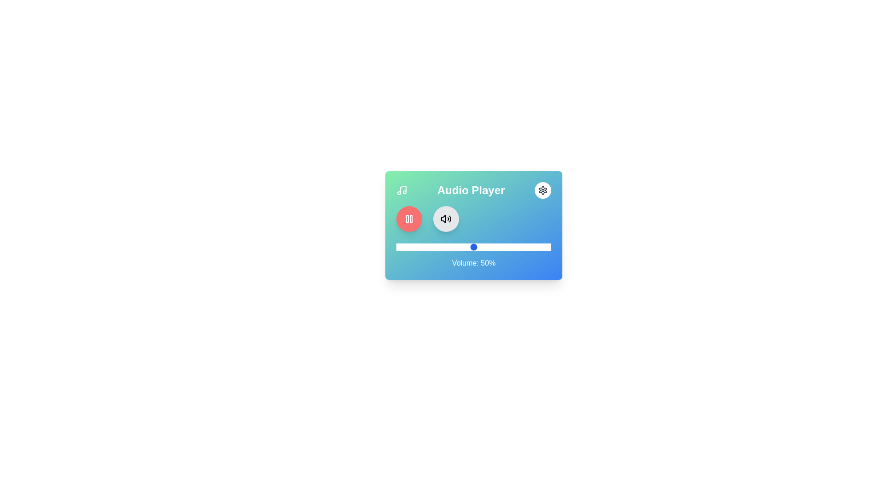 This screenshot has height=498, width=885. Describe the element at coordinates (502, 247) in the screenshot. I see `the slider value` at that location.